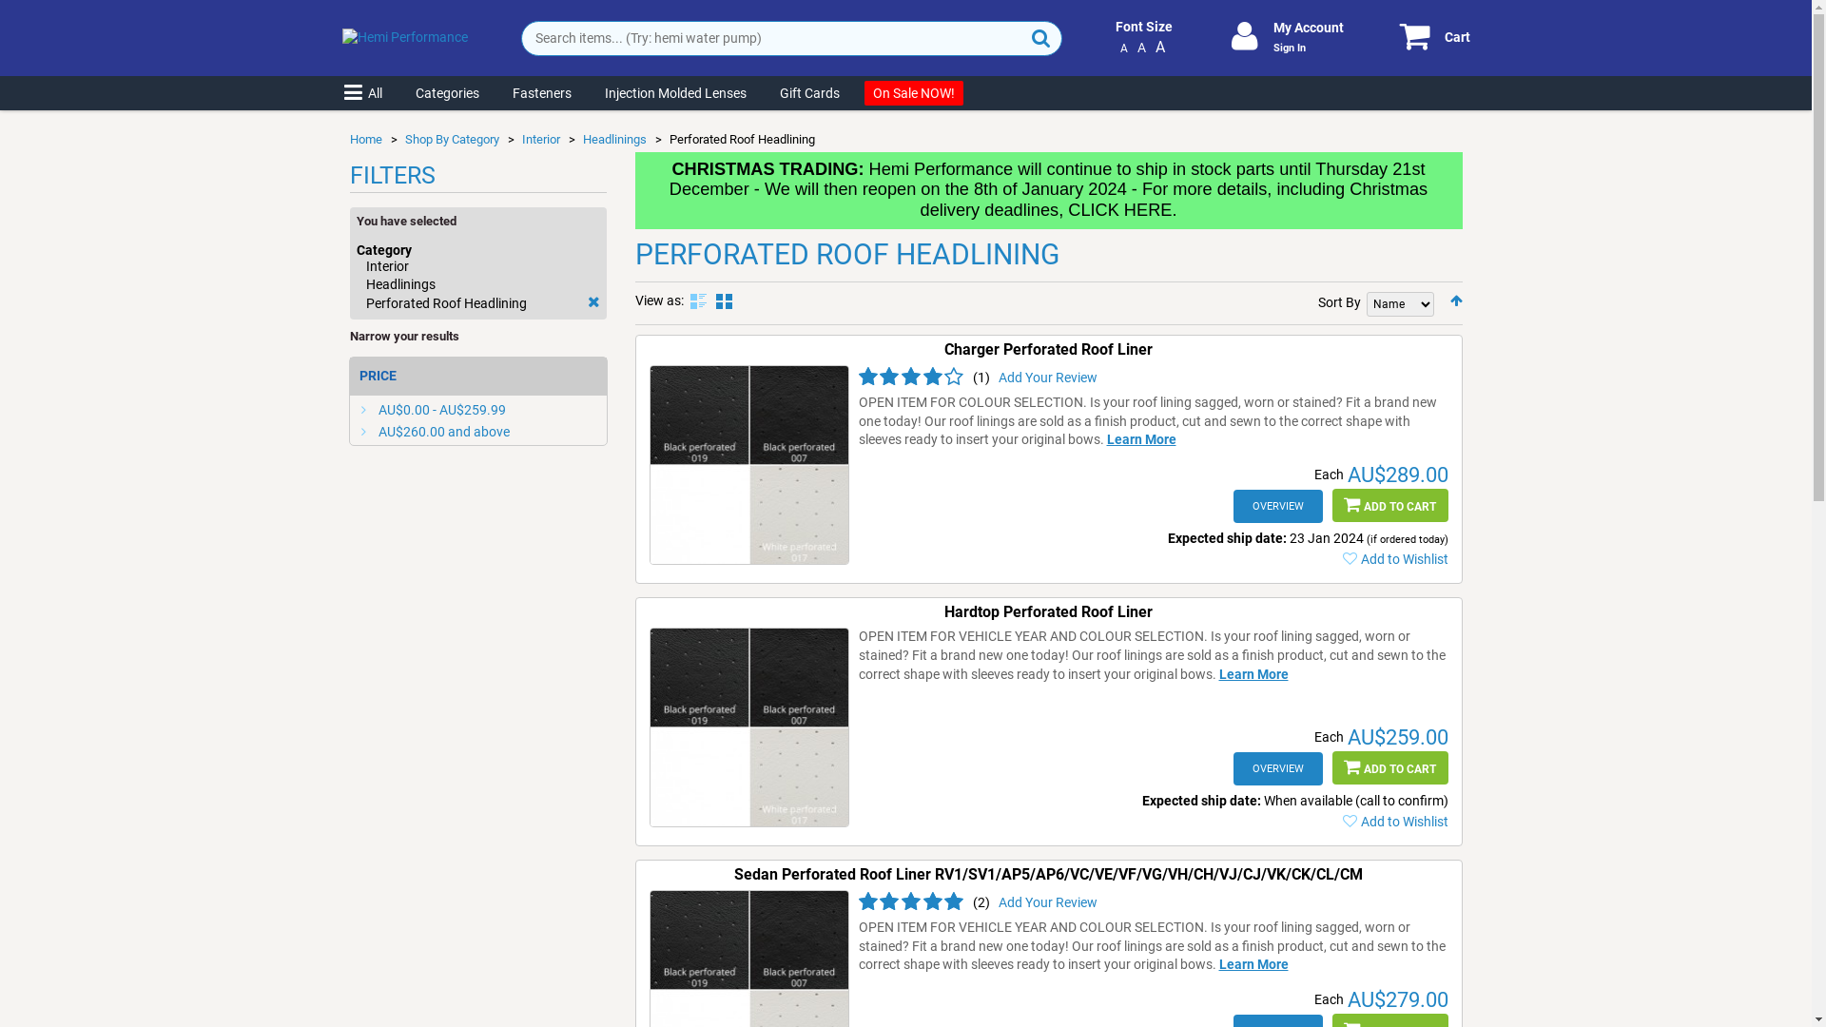 The width and height of the screenshot is (1826, 1027). Describe the element at coordinates (722, 300) in the screenshot. I see `'Grid'` at that location.